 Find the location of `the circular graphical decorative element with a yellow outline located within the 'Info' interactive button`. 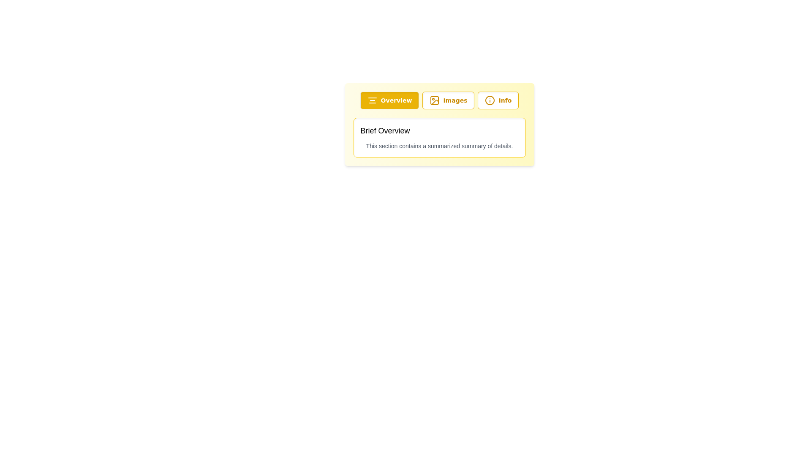

the circular graphical decorative element with a yellow outline located within the 'Info' interactive button is located at coordinates (490, 100).